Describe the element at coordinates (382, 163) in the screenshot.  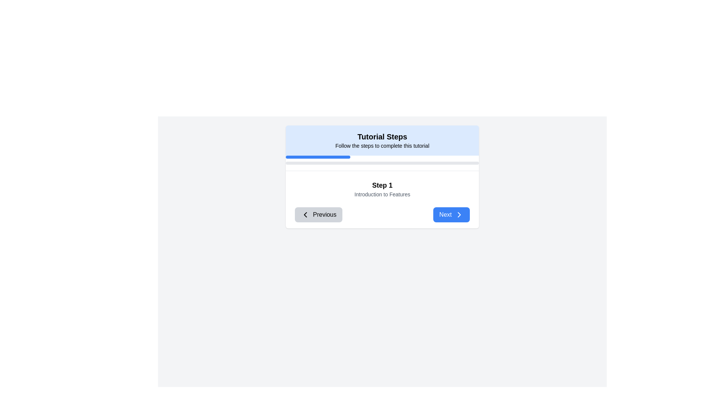
I see `the Progress bar that visually represents the tutorial completion, located centrally in the 'Tutorial Steps' panel` at that location.